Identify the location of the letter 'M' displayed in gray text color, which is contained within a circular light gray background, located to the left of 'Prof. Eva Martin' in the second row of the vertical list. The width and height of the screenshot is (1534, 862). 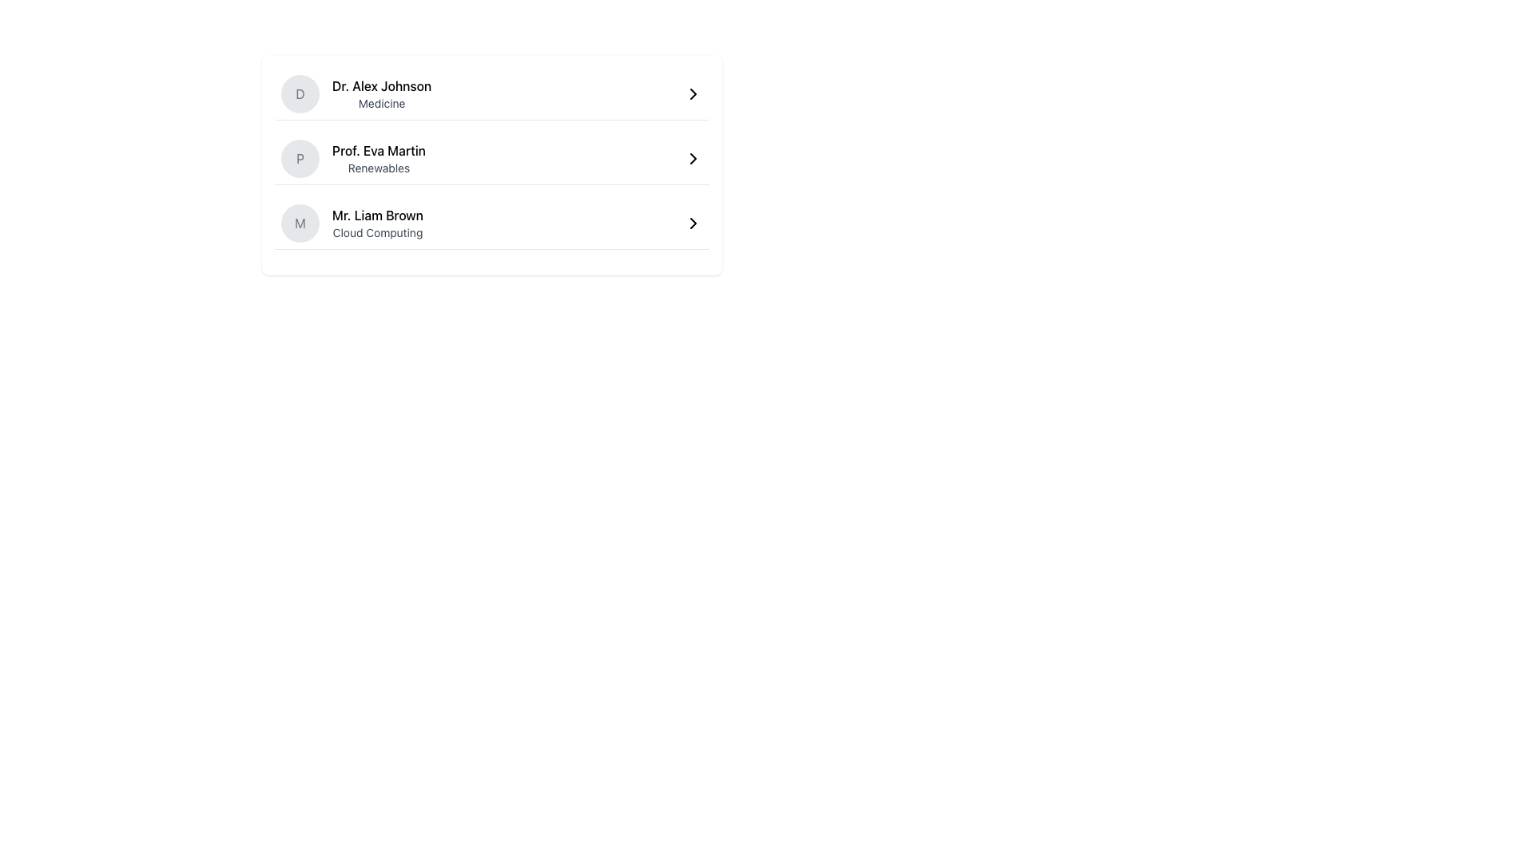
(300, 223).